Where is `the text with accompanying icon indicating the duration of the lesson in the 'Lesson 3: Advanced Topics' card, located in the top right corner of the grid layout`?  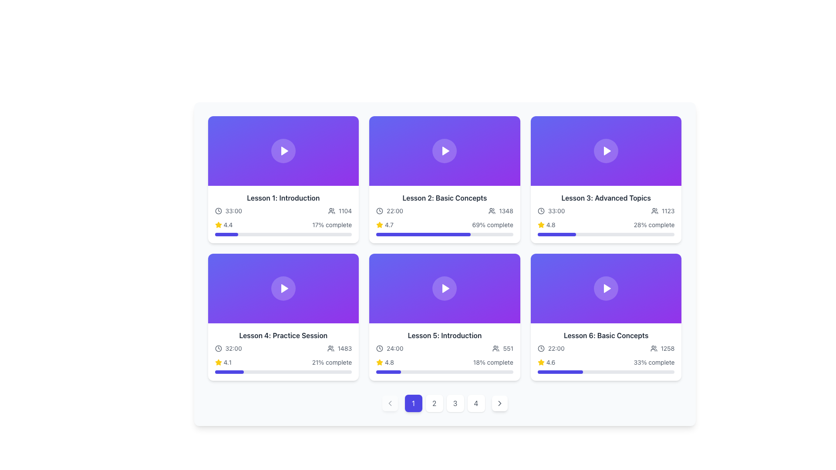 the text with accompanying icon indicating the duration of the lesson in the 'Lesson 3: Advanced Topics' card, located in the top right corner of the grid layout is located at coordinates (551, 211).